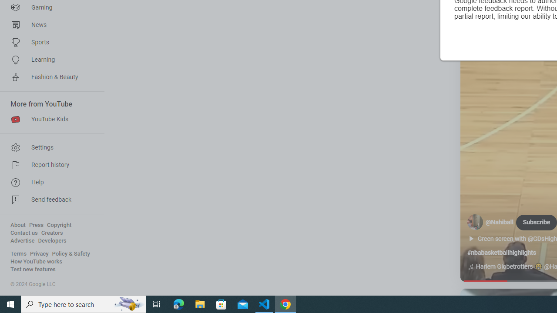 The height and width of the screenshot is (313, 557). I want to click on 'About', so click(18, 225).